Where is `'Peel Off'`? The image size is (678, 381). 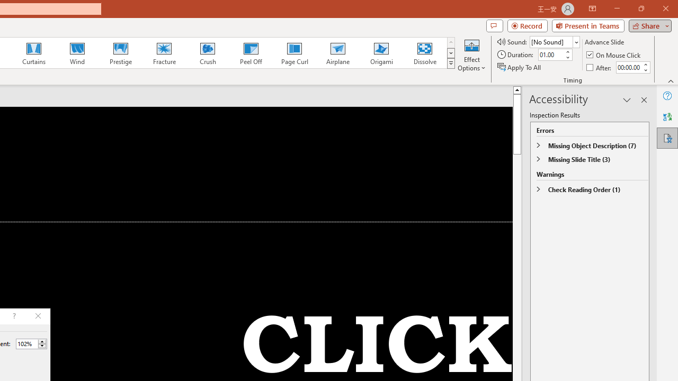 'Peel Off' is located at coordinates (250, 53).